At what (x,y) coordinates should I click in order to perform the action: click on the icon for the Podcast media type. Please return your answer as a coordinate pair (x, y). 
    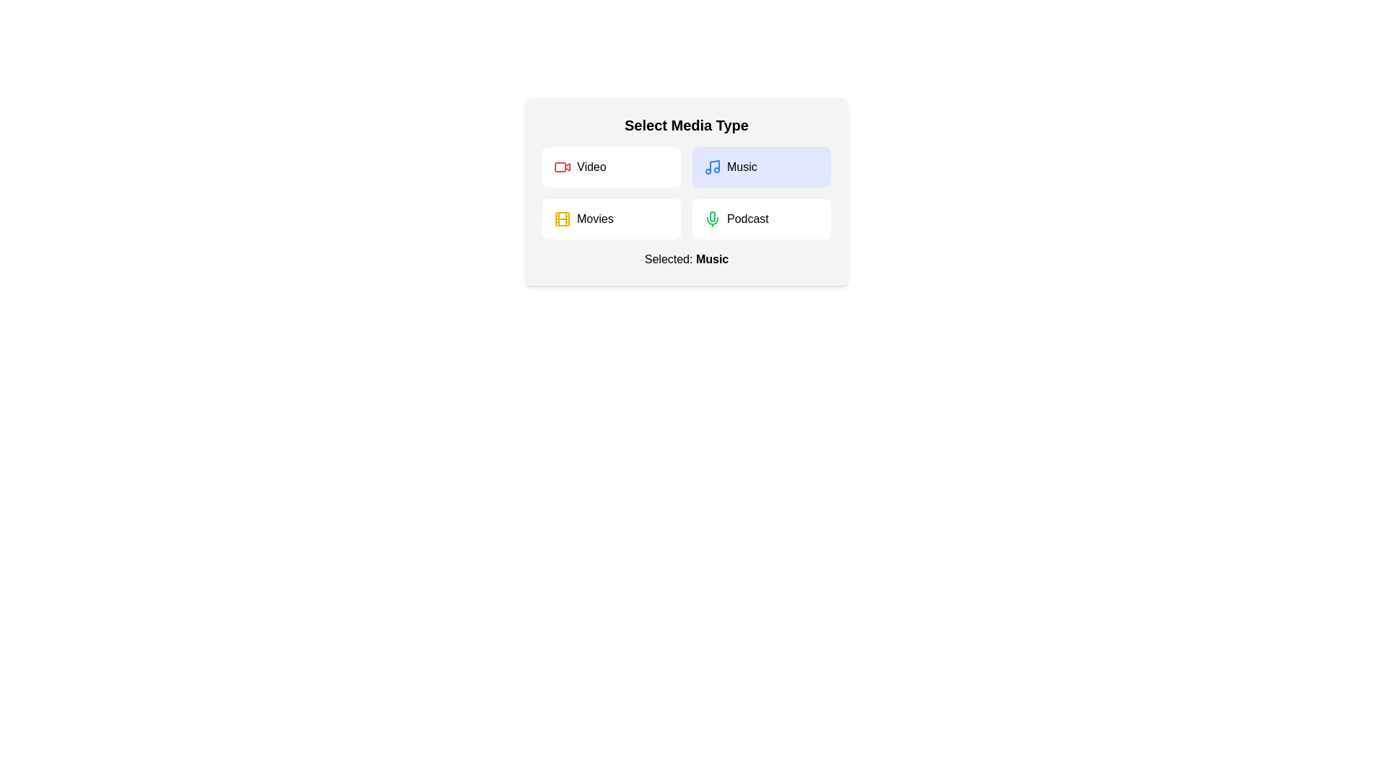
    Looking at the image, I should click on (713, 219).